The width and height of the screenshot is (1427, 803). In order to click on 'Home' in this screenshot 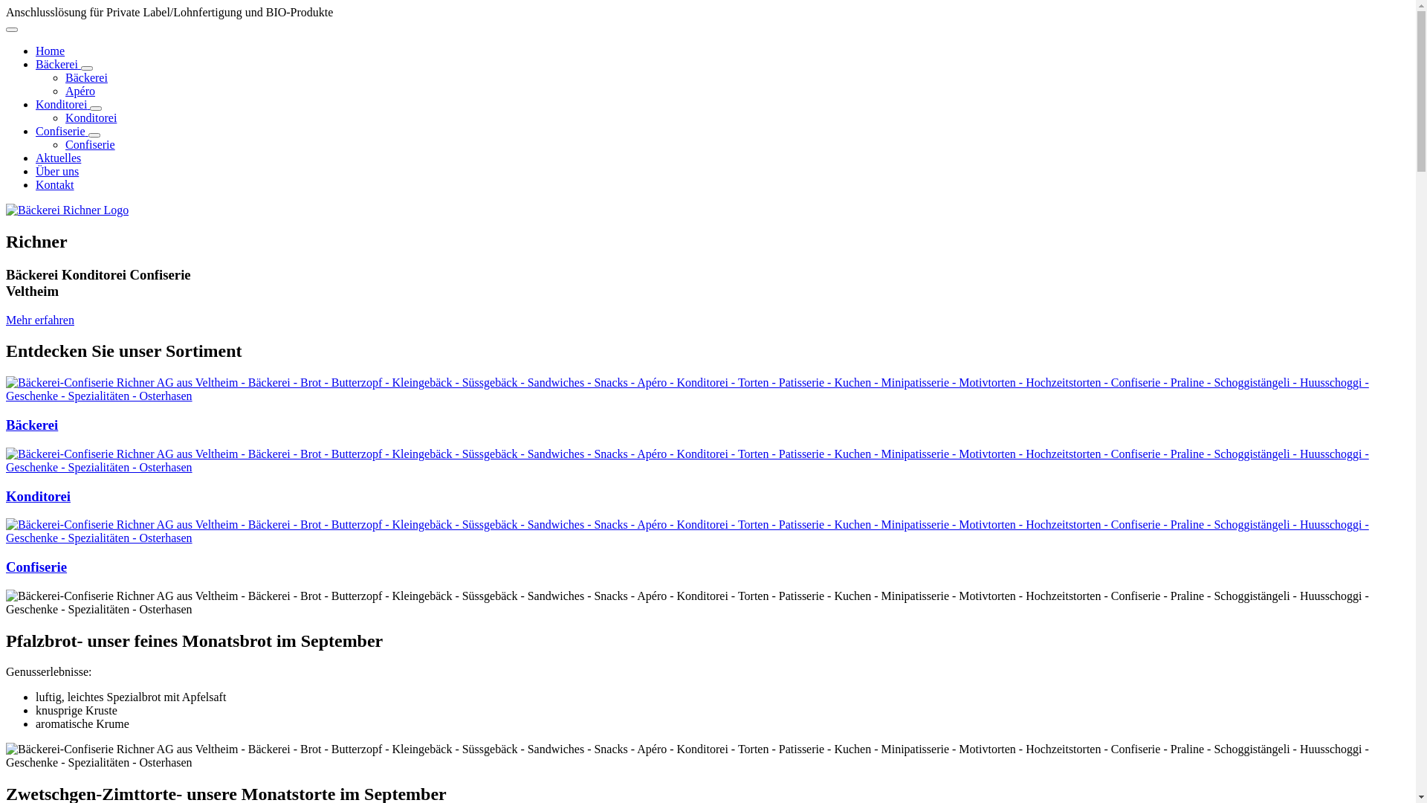, I will do `click(50, 50)`.